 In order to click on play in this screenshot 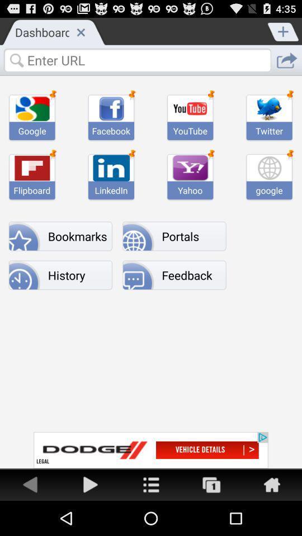, I will do `click(90, 484)`.